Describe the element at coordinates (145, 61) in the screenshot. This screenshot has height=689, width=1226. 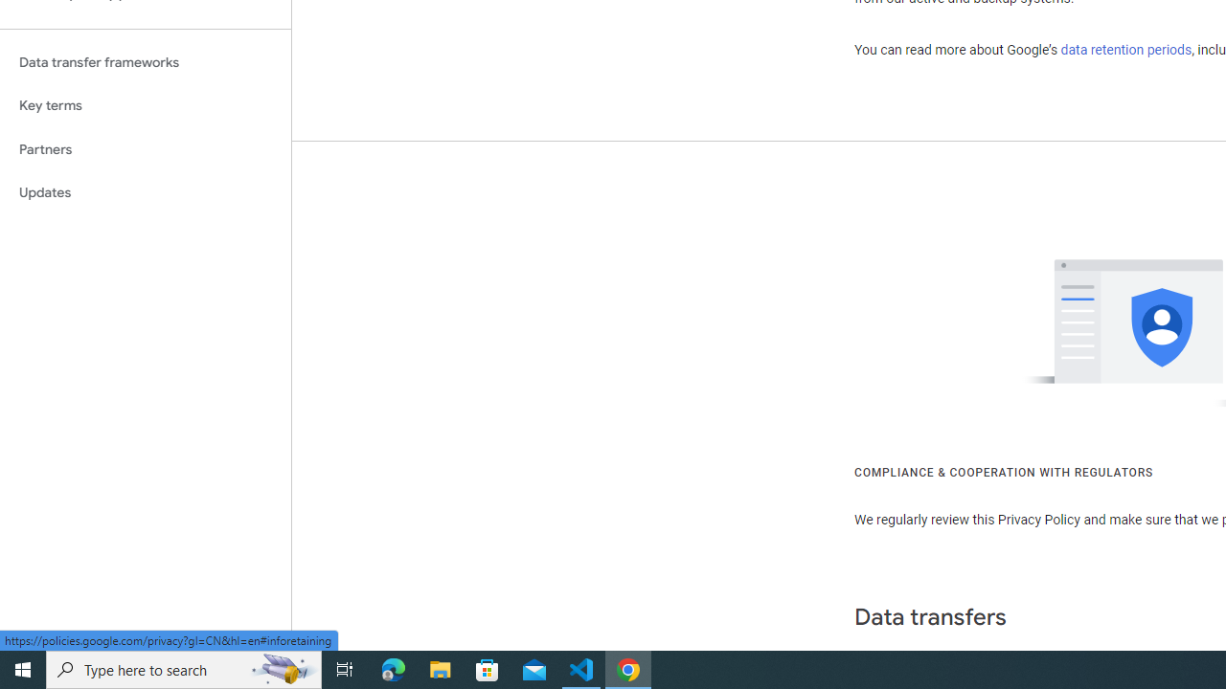
I see `'Data transfer frameworks'` at that location.